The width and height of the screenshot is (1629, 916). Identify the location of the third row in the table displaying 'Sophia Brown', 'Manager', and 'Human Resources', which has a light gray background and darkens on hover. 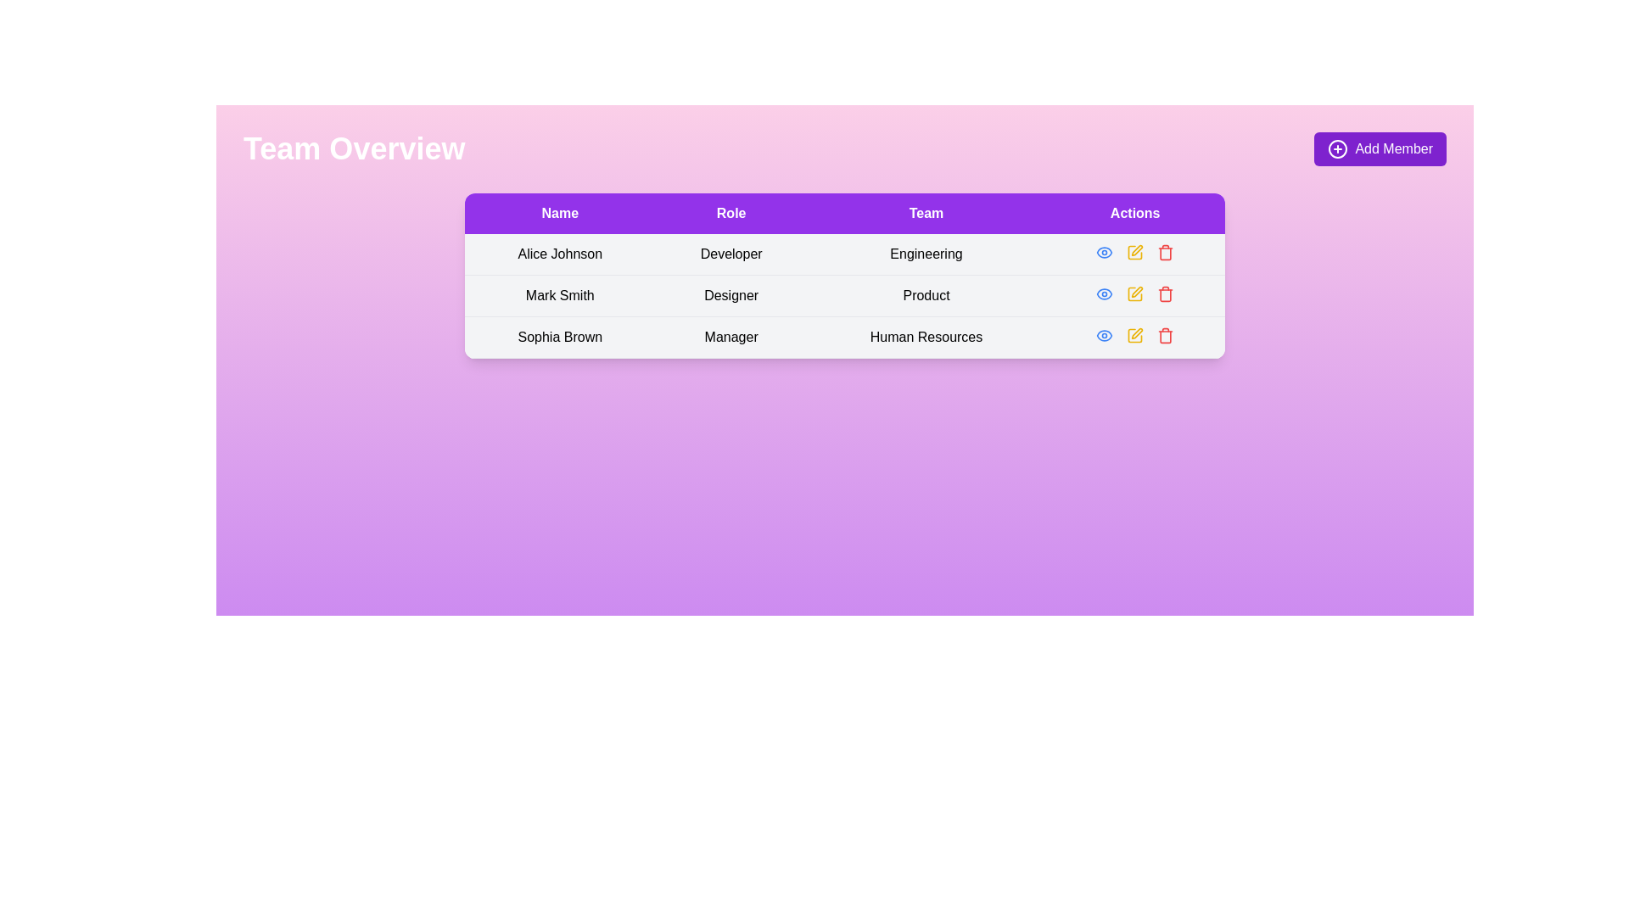
(845, 337).